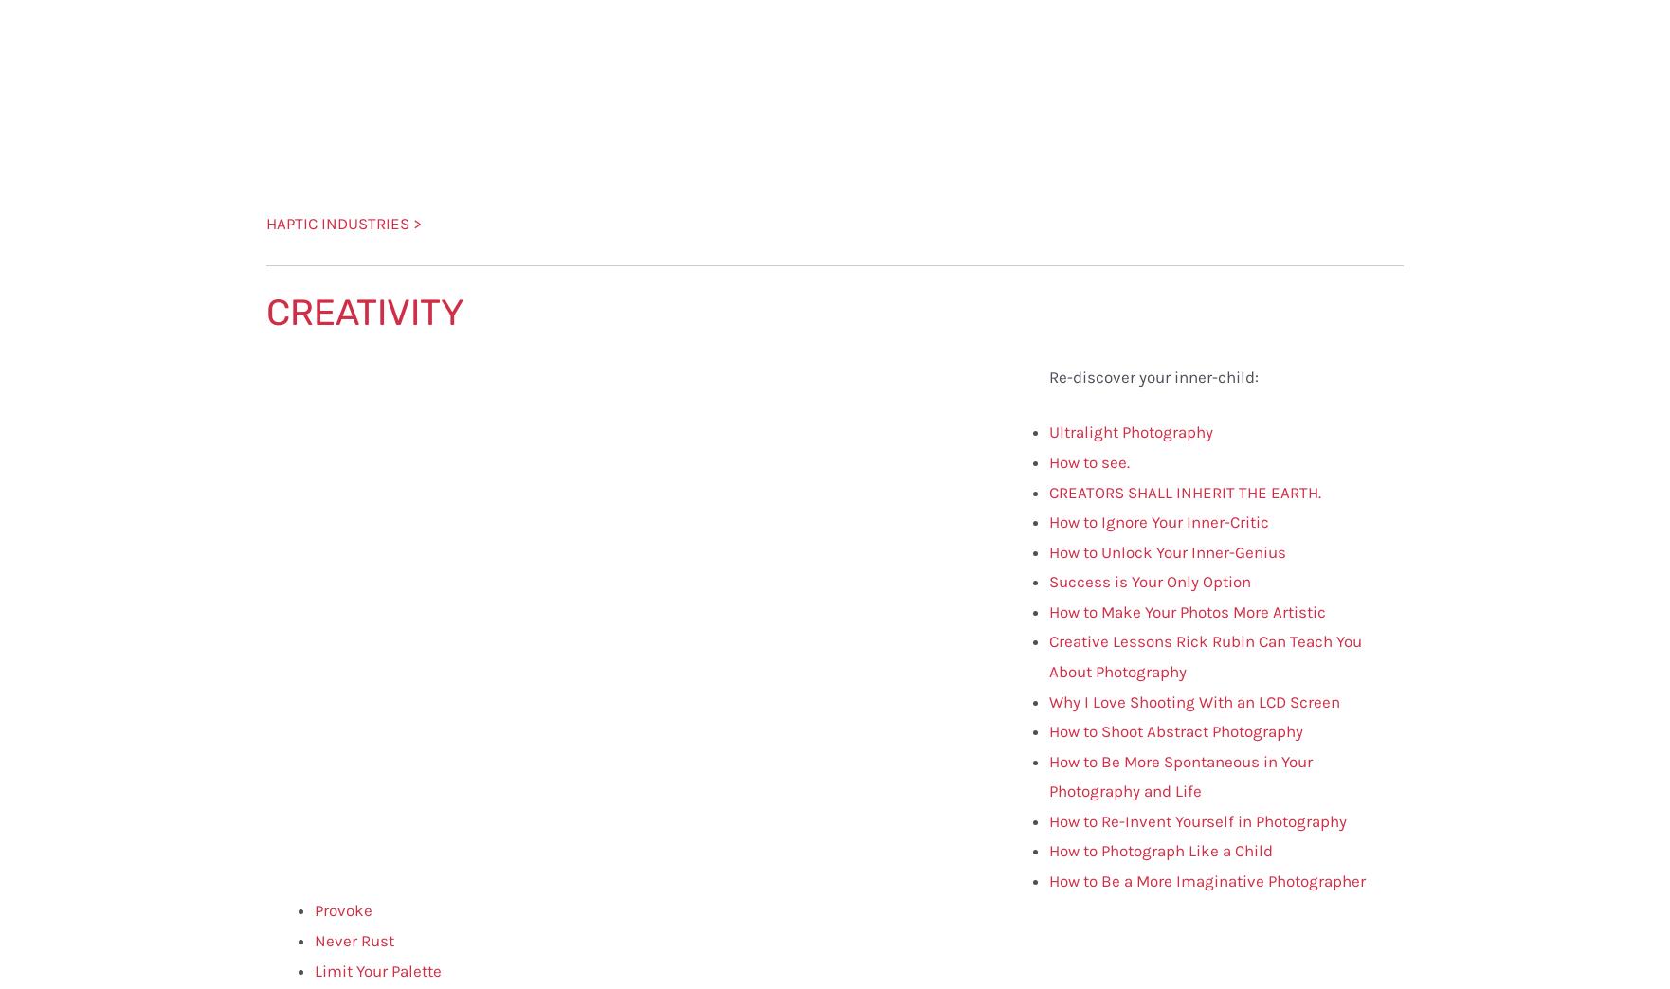  I want to click on 'How to Unlock Your Inner-Genius', so click(1166, 550).